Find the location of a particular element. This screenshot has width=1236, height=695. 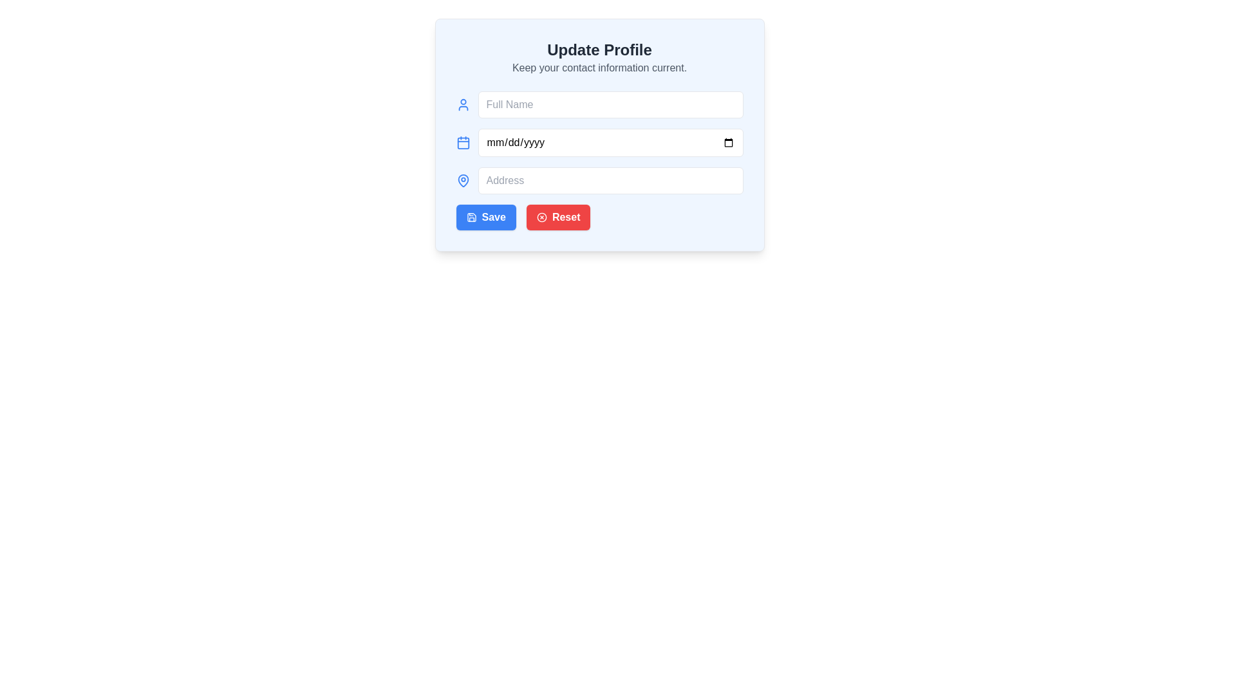

the 'Save' button icon located to the left of the 'Save' text label, which visually represents the action of saving data is located at coordinates (471, 217).